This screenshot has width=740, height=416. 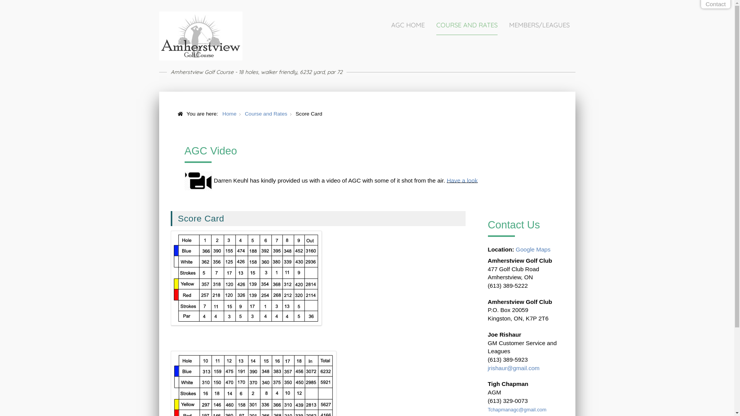 What do you see at coordinates (532, 249) in the screenshot?
I see `'Google Maps'` at bounding box center [532, 249].